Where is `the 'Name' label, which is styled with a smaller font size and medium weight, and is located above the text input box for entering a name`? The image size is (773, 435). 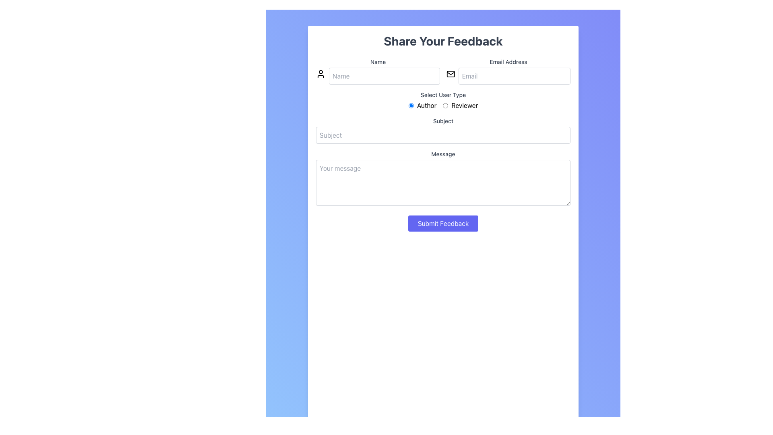 the 'Name' label, which is styled with a smaller font size and medium weight, and is located above the text input box for entering a name is located at coordinates (378, 62).